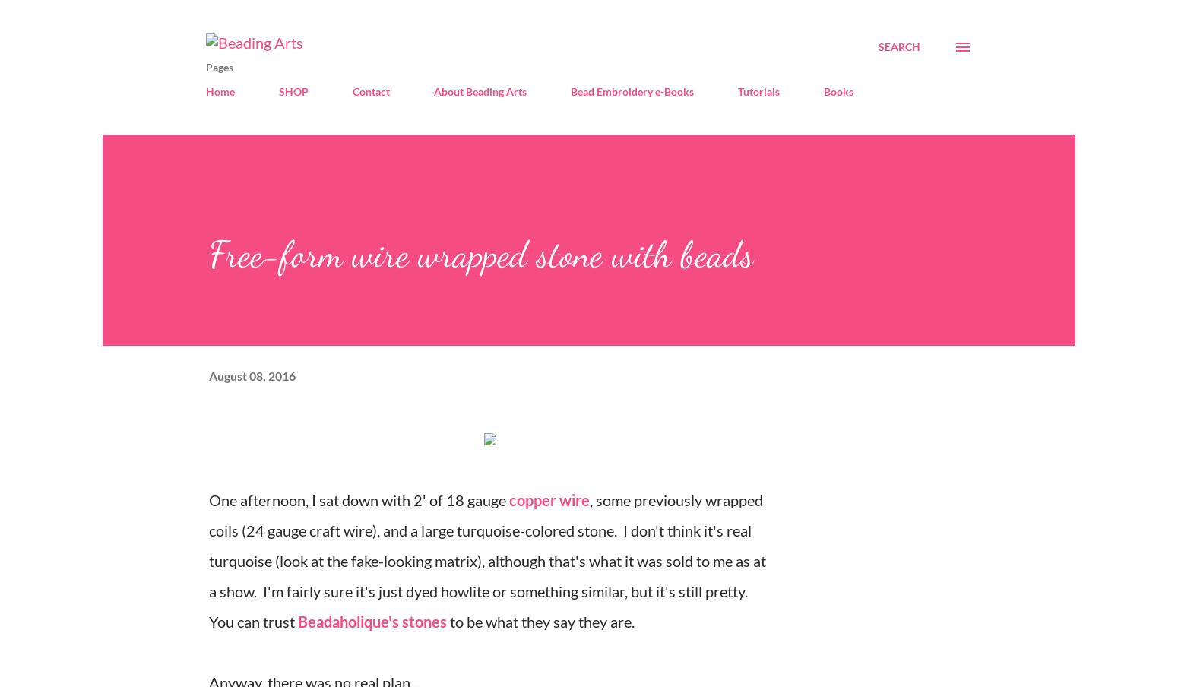  Describe the element at coordinates (877, 46) in the screenshot. I see `'Search'` at that location.